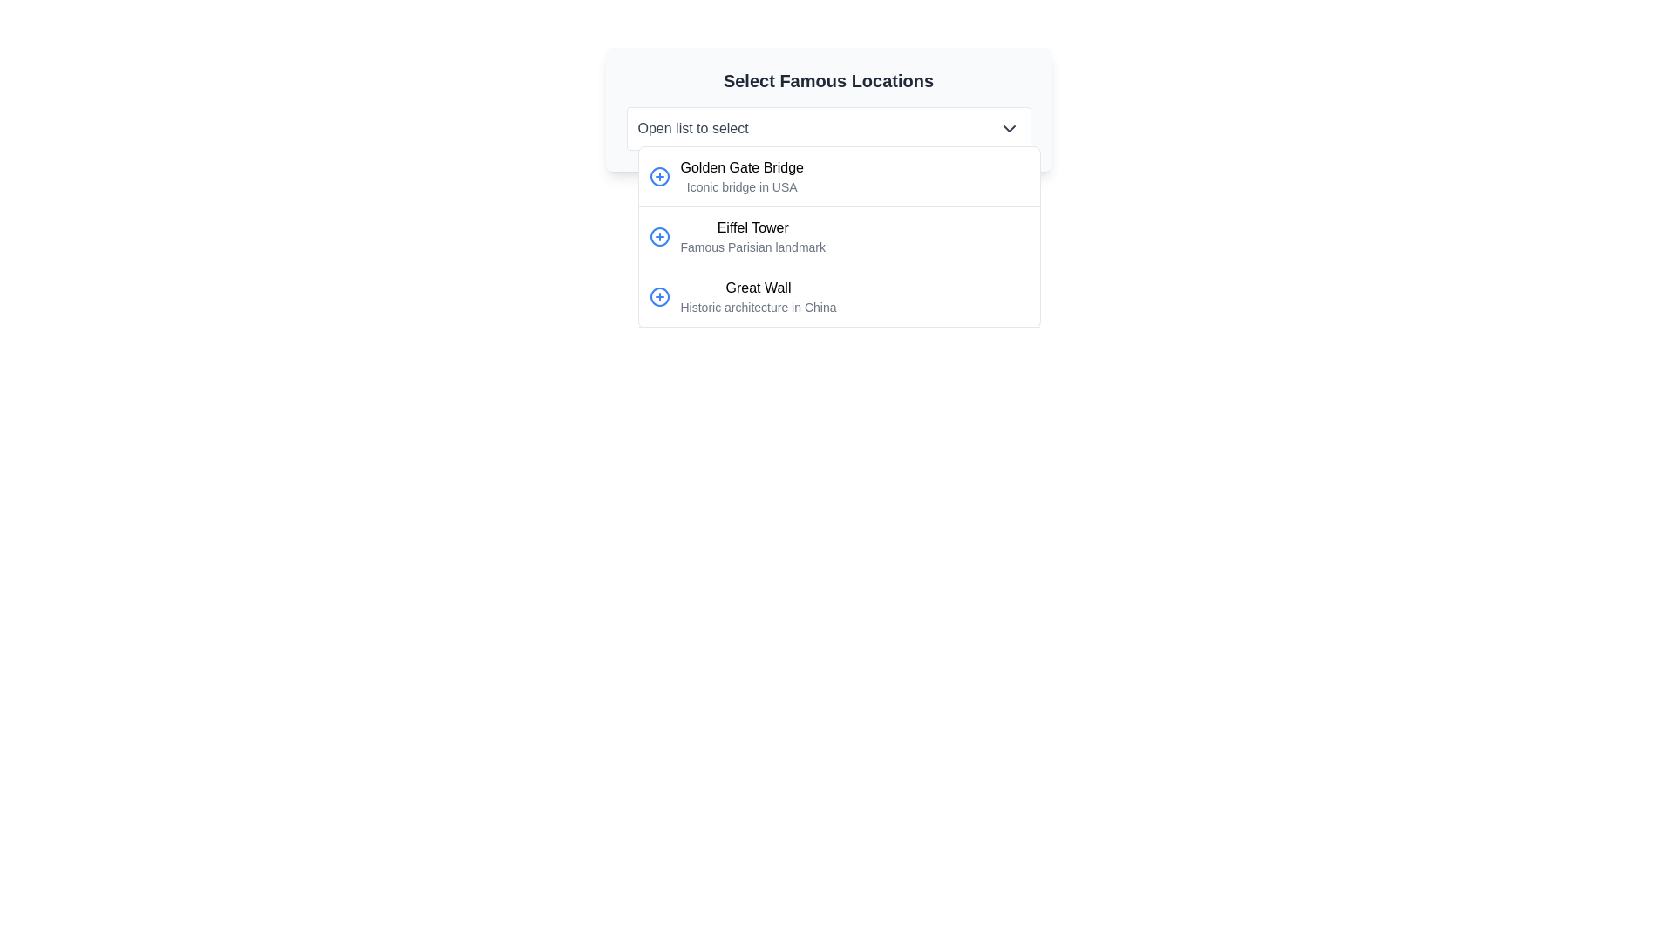 The width and height of the screenshot is (1674, 941). I want to click on the 'Golden Gate Bridge' text label in the dropdown menu under 'Select Famous Locations', which is positioned above the description 'Iconic bridge in USA', so click(742, 167).